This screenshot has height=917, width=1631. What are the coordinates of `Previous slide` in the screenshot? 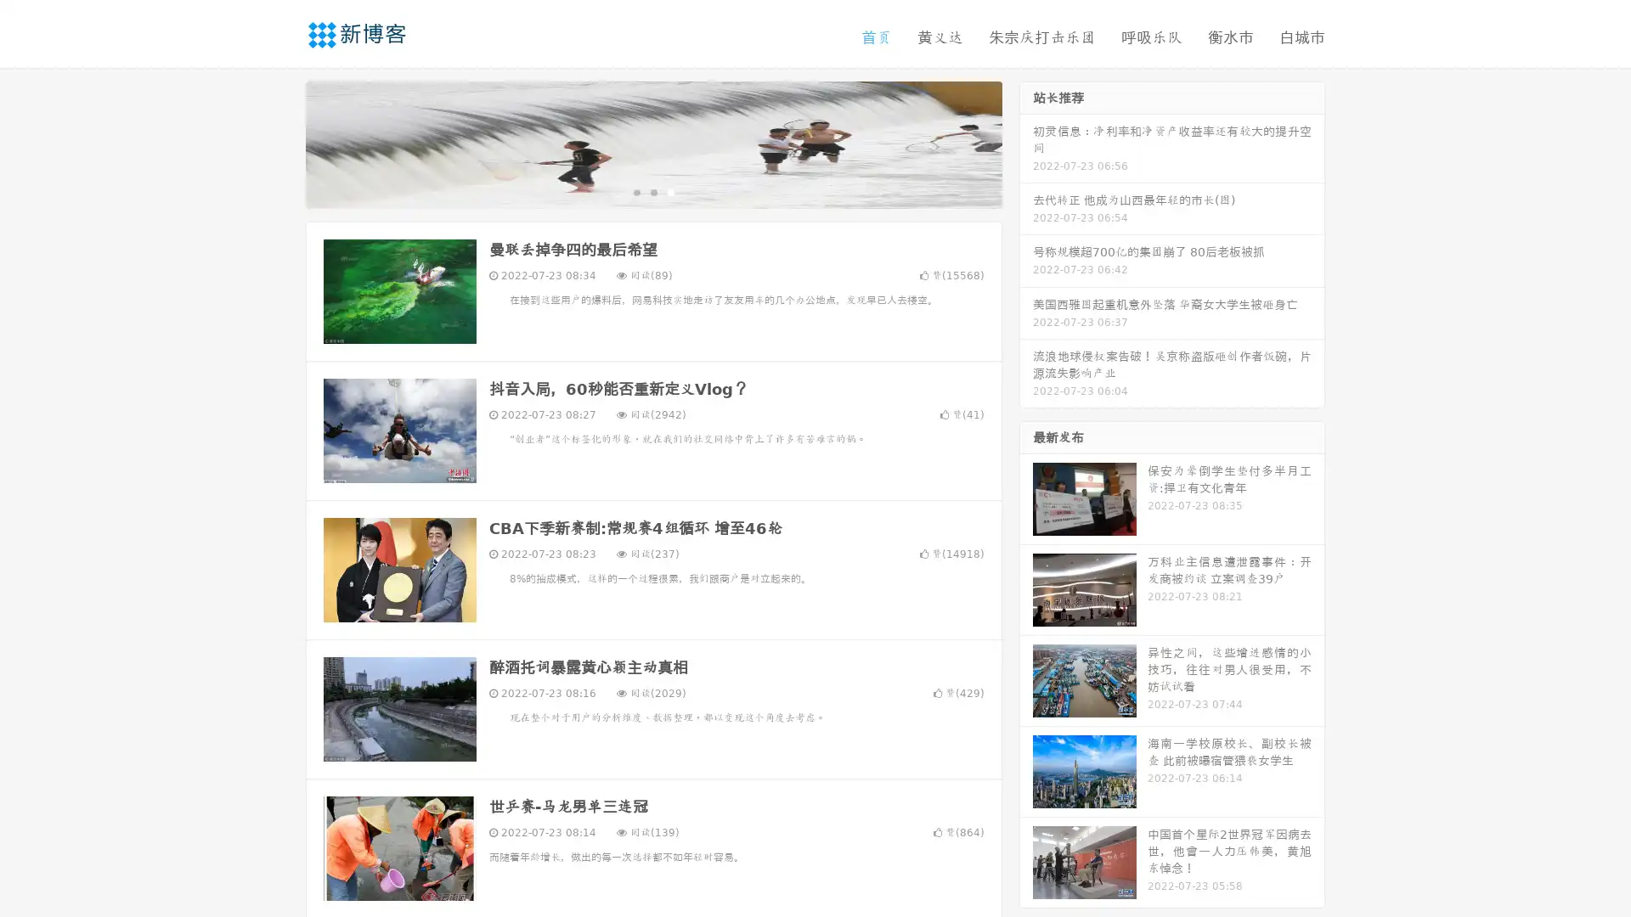 It's located at (280, 143).